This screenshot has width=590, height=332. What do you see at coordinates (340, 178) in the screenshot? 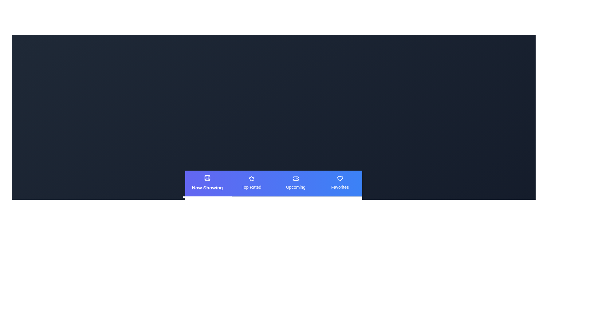
I see `the appearance of the 'Favorites' icon, which is the rightmost item in the bottom navigation bar adjacent to the 'Upcoming' section` at bounding box center [340, 178].